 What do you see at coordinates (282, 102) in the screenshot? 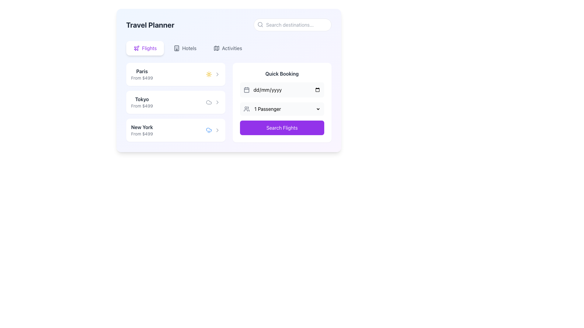
I see `the dropdown menu labeled '1 Passenger' within the Quick Booking card` at bounding box center [282, 102].